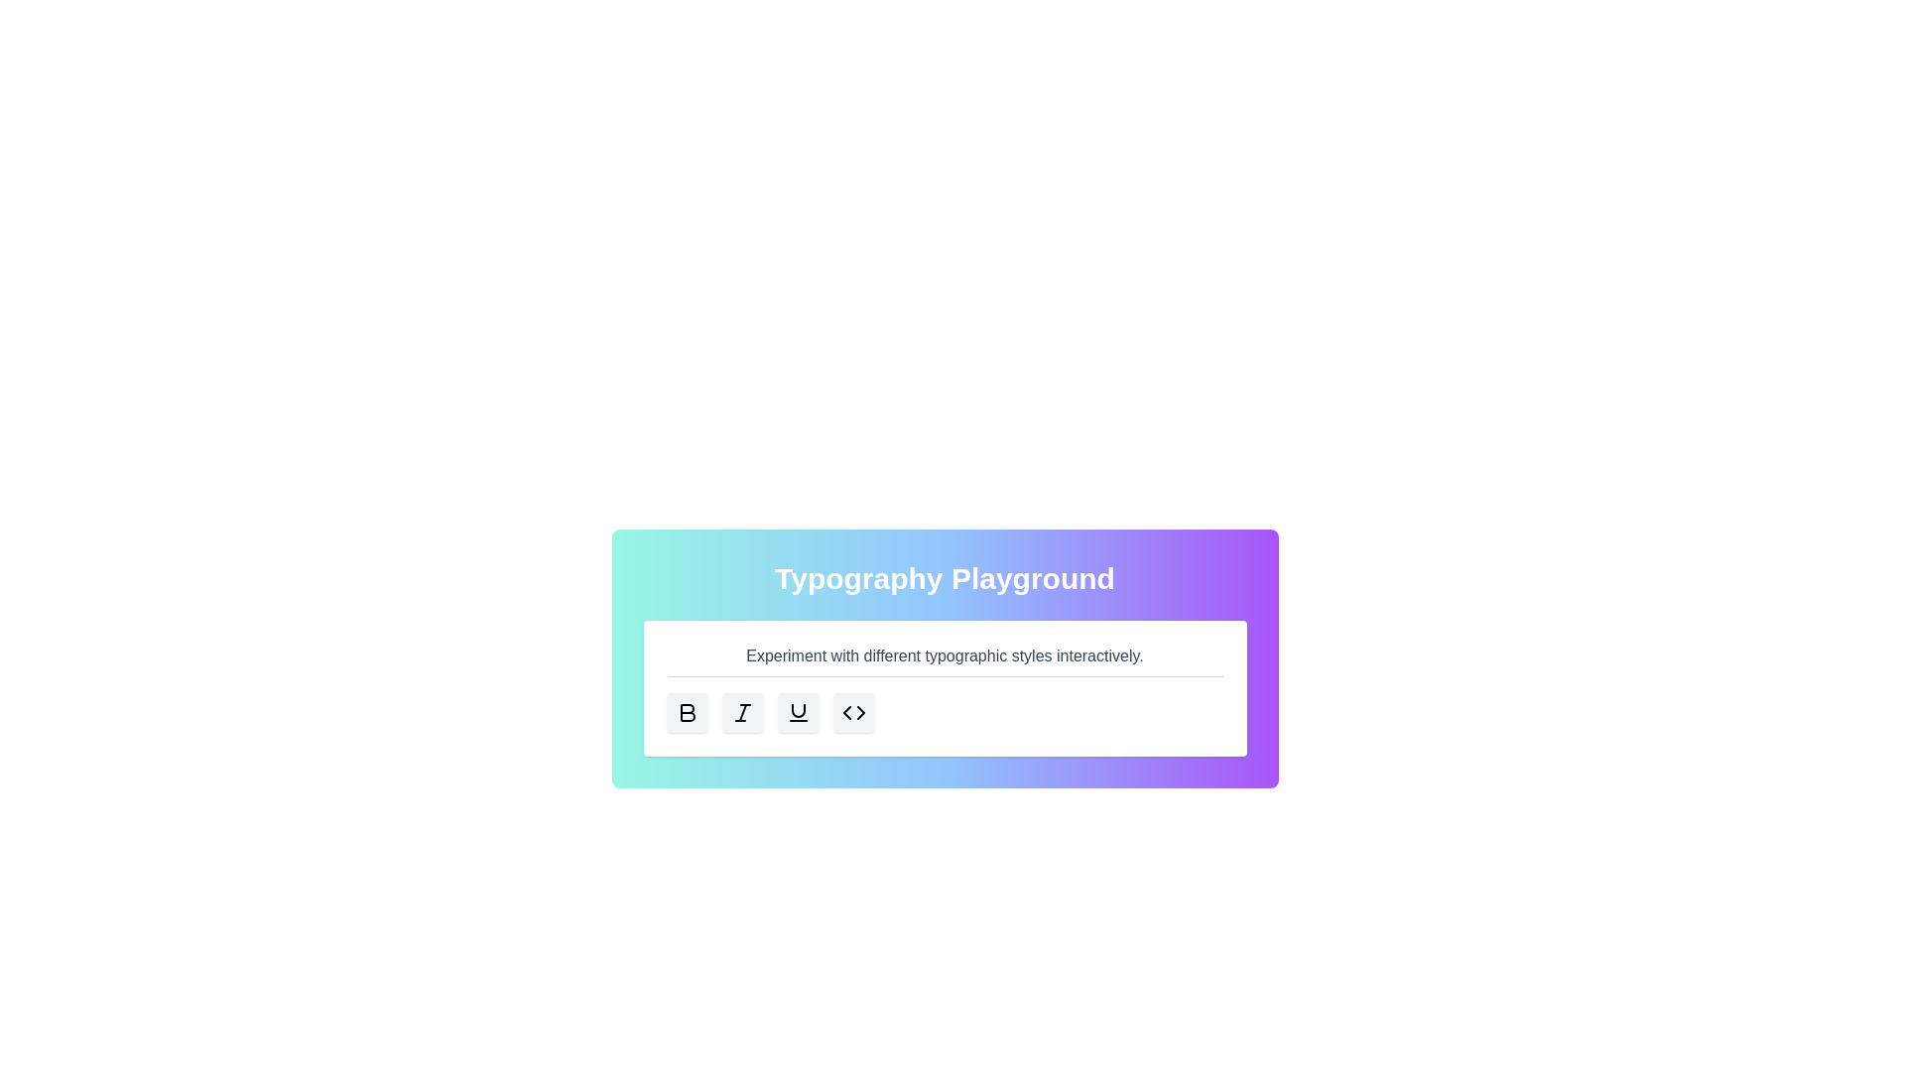  What do you see at coordinates (687, 711) in the screenshot?
I see `the bold 'B' icon button in the toolbar` at bounding box center [687, 711].